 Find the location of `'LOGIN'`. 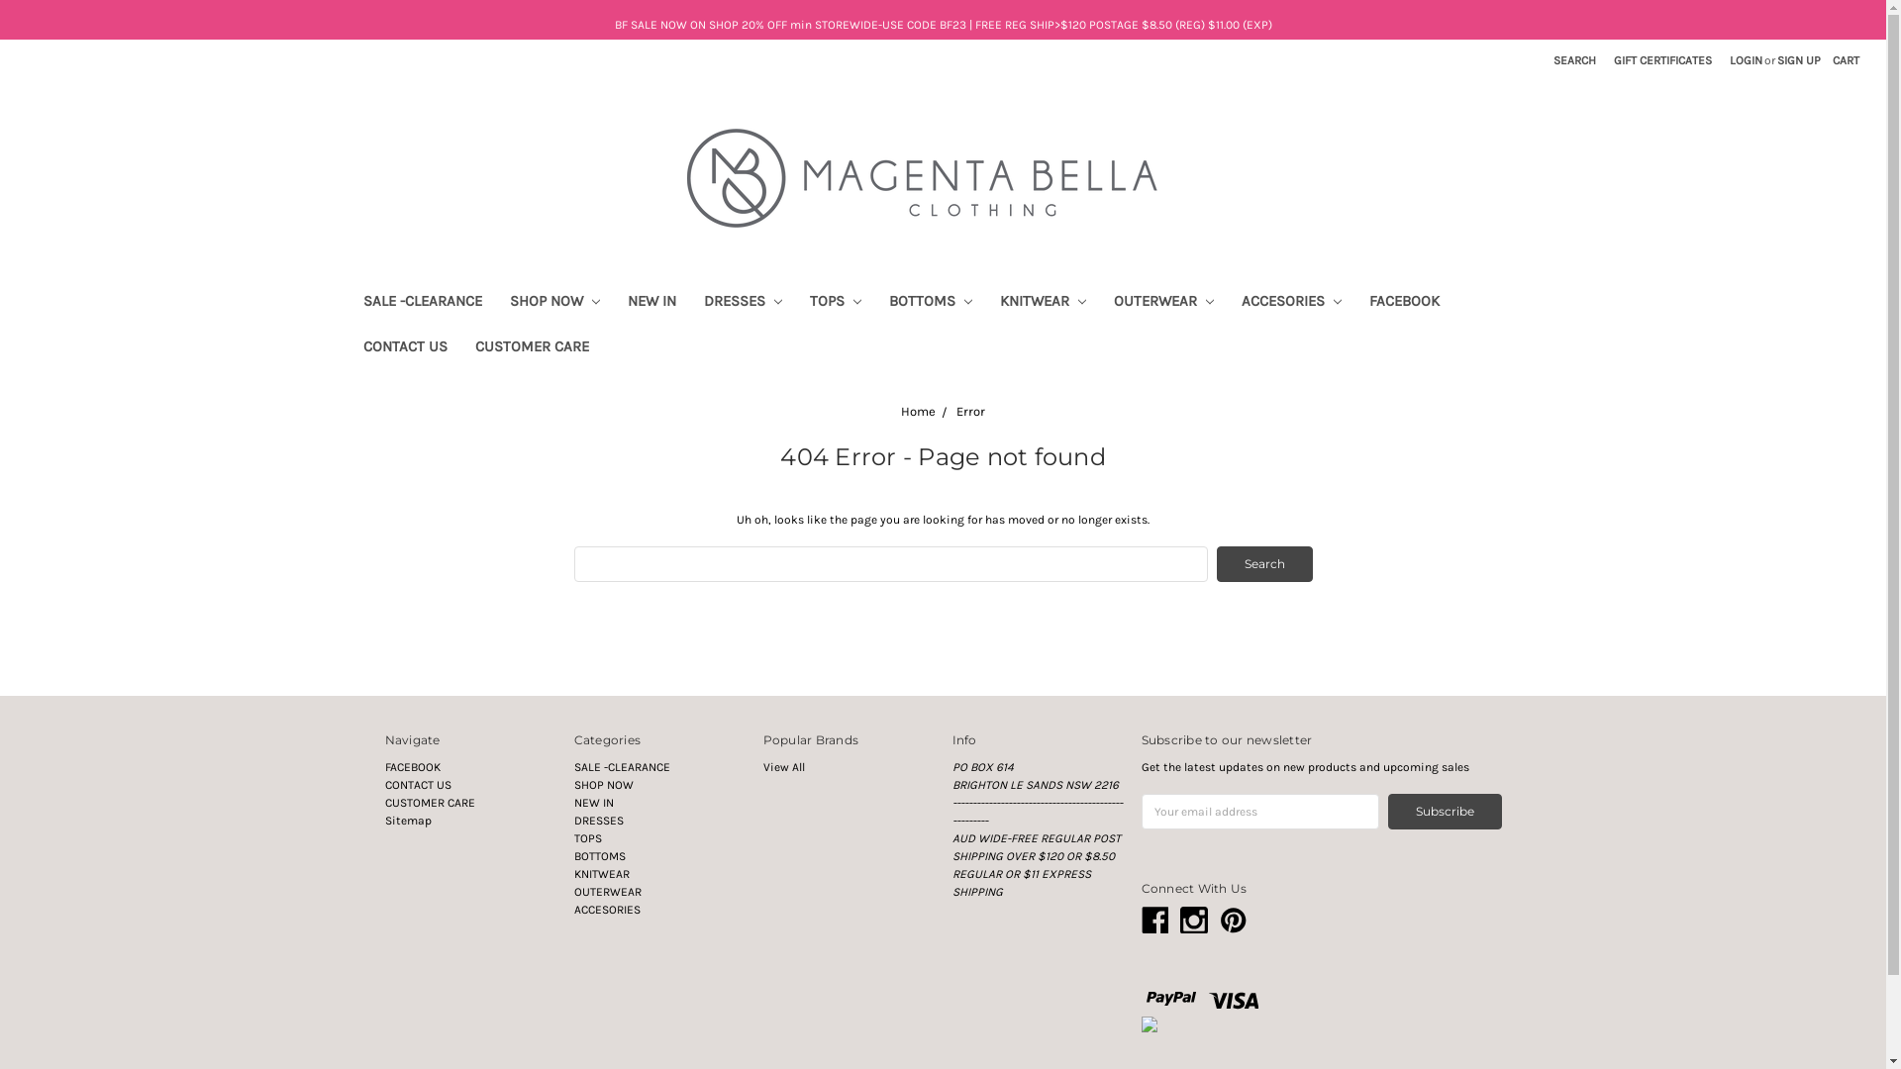

'LOGIN' is located at coordinates (1746, 59).